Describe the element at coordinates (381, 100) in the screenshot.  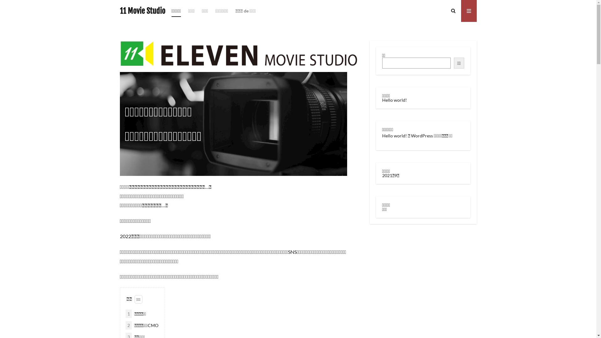
I see `'Hello world!'` at that location.